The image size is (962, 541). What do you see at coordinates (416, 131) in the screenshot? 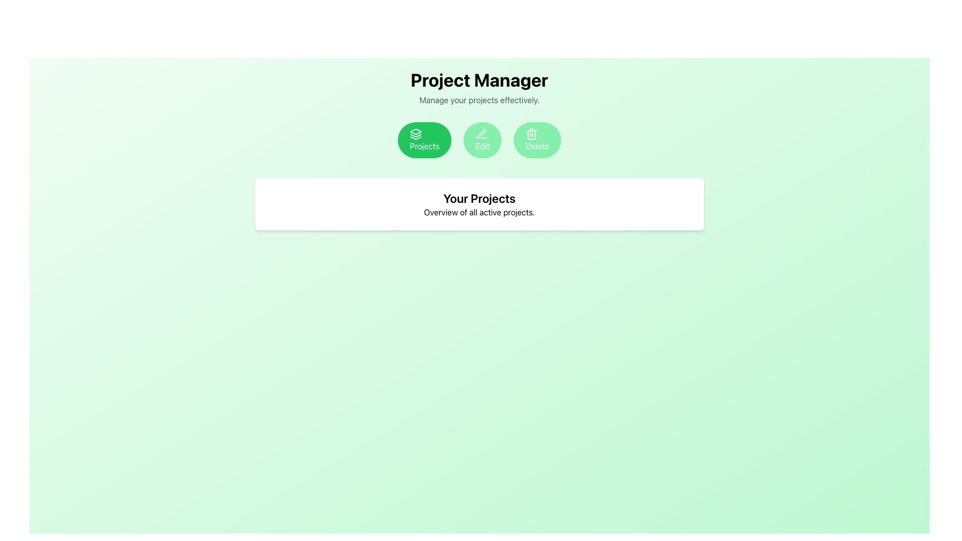
I see `the 'Projects' icon located in the top toolbar, which is the first circular button from the left among three icons` at bounding box center [416, 131].